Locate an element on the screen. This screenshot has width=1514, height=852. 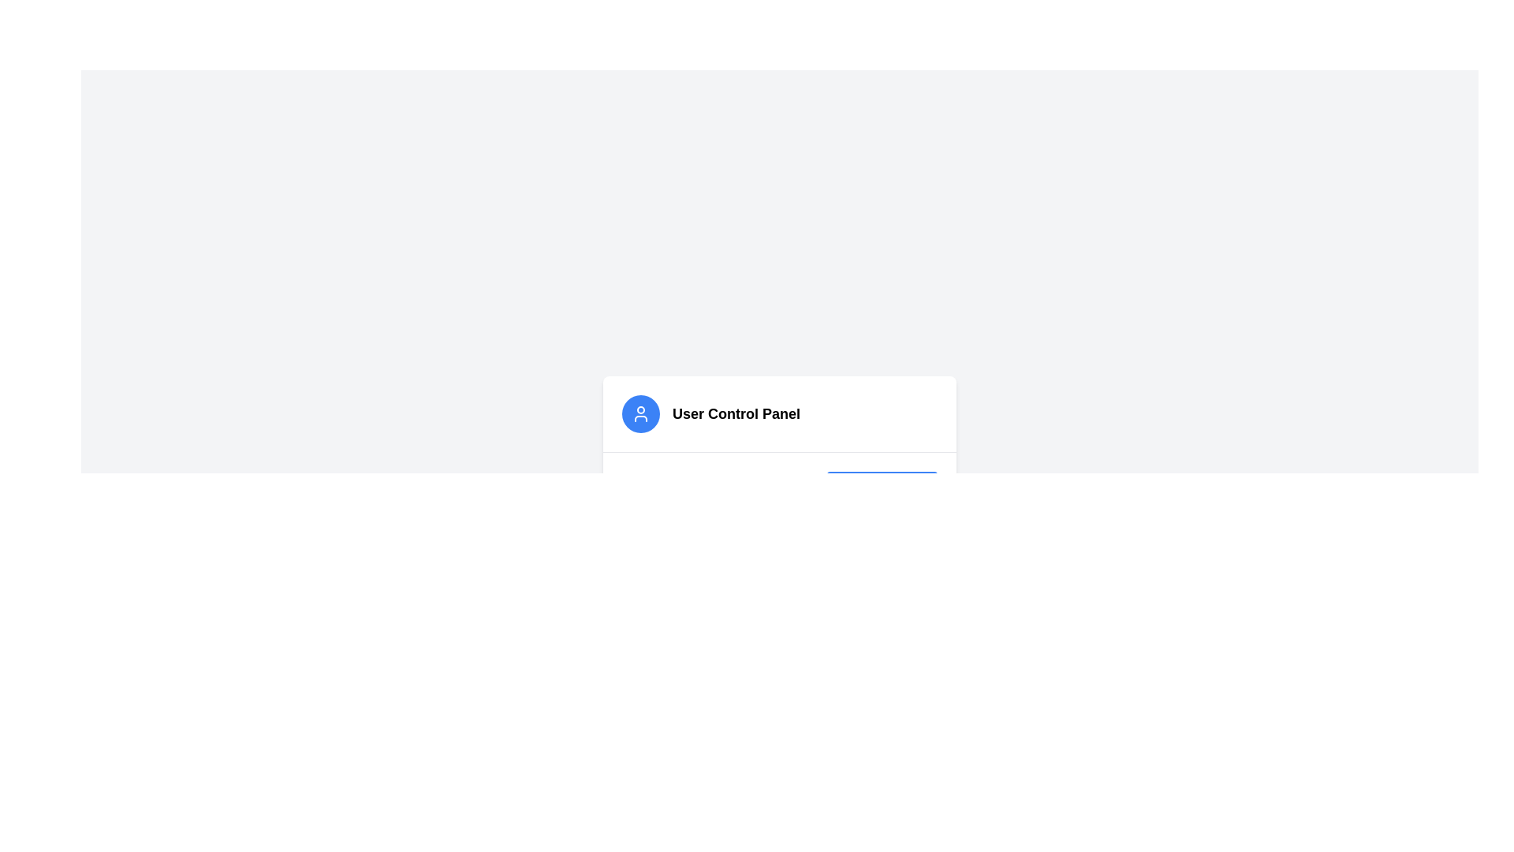
the circular blue icon with a white user profile outline, located above the 'User Control Panel' label is located at coordinates (640, 413).